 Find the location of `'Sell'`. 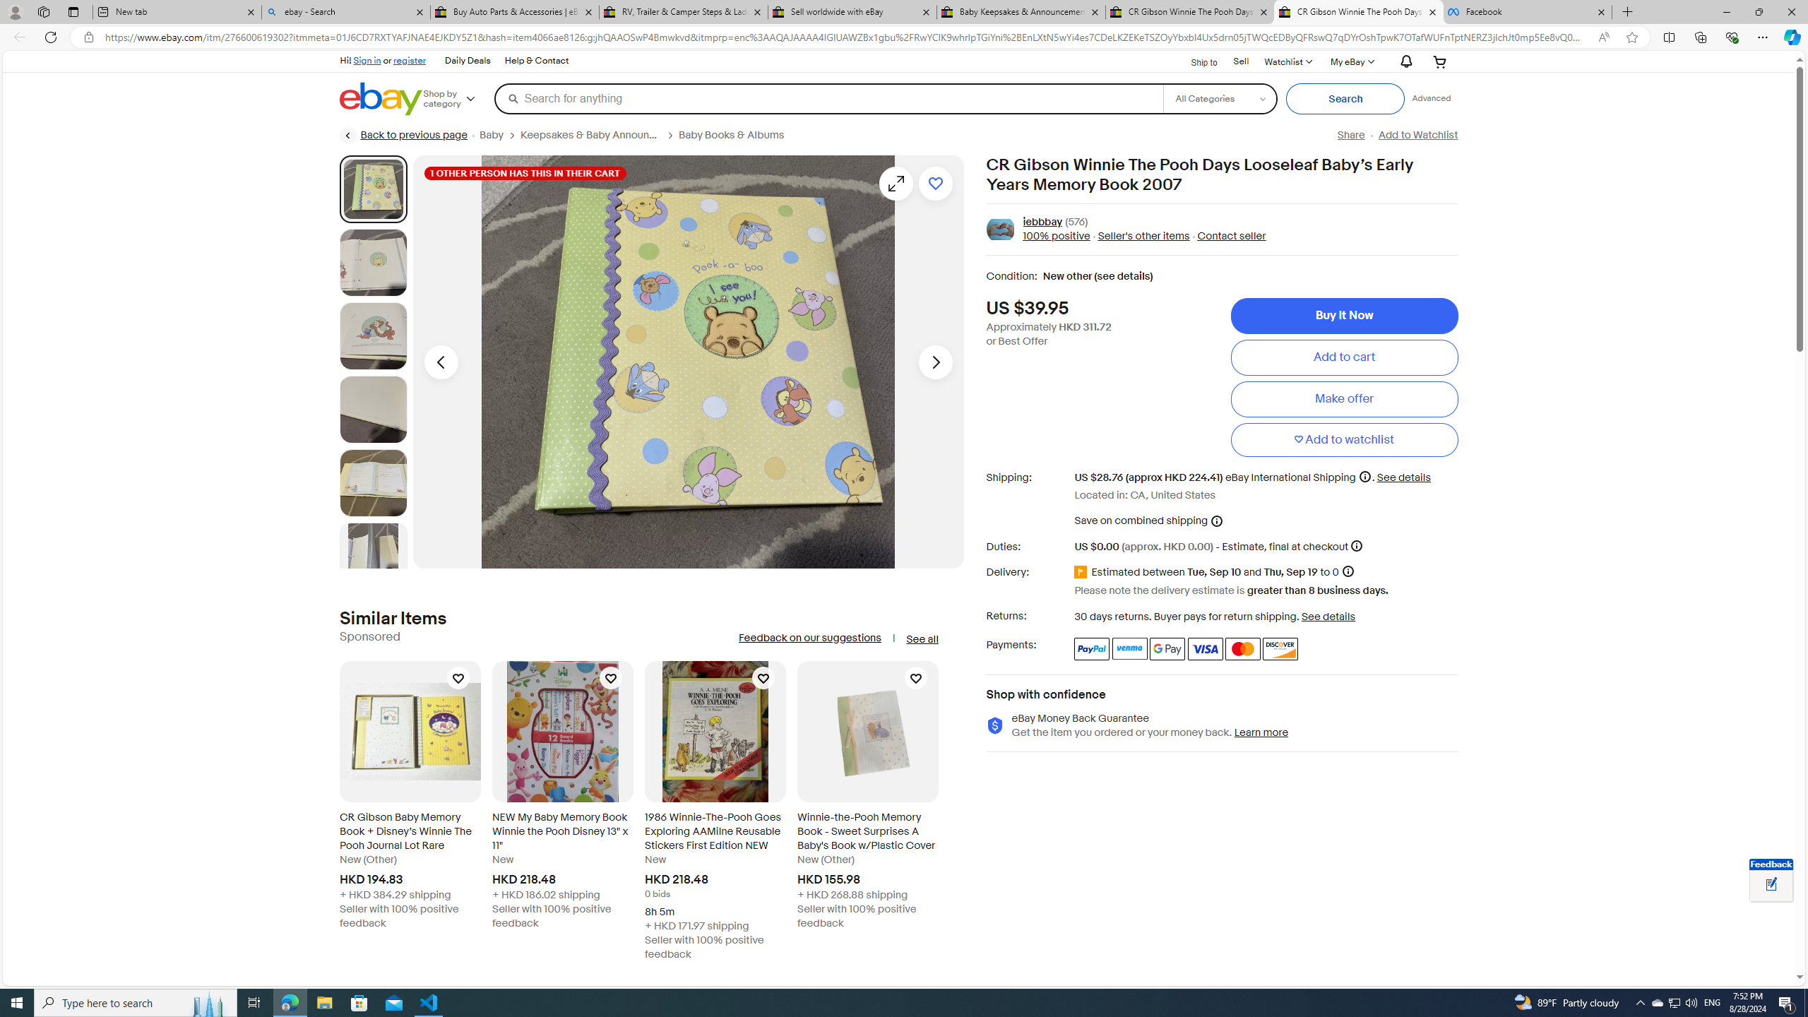

'Sell' is located at coordinates (1240, 60).